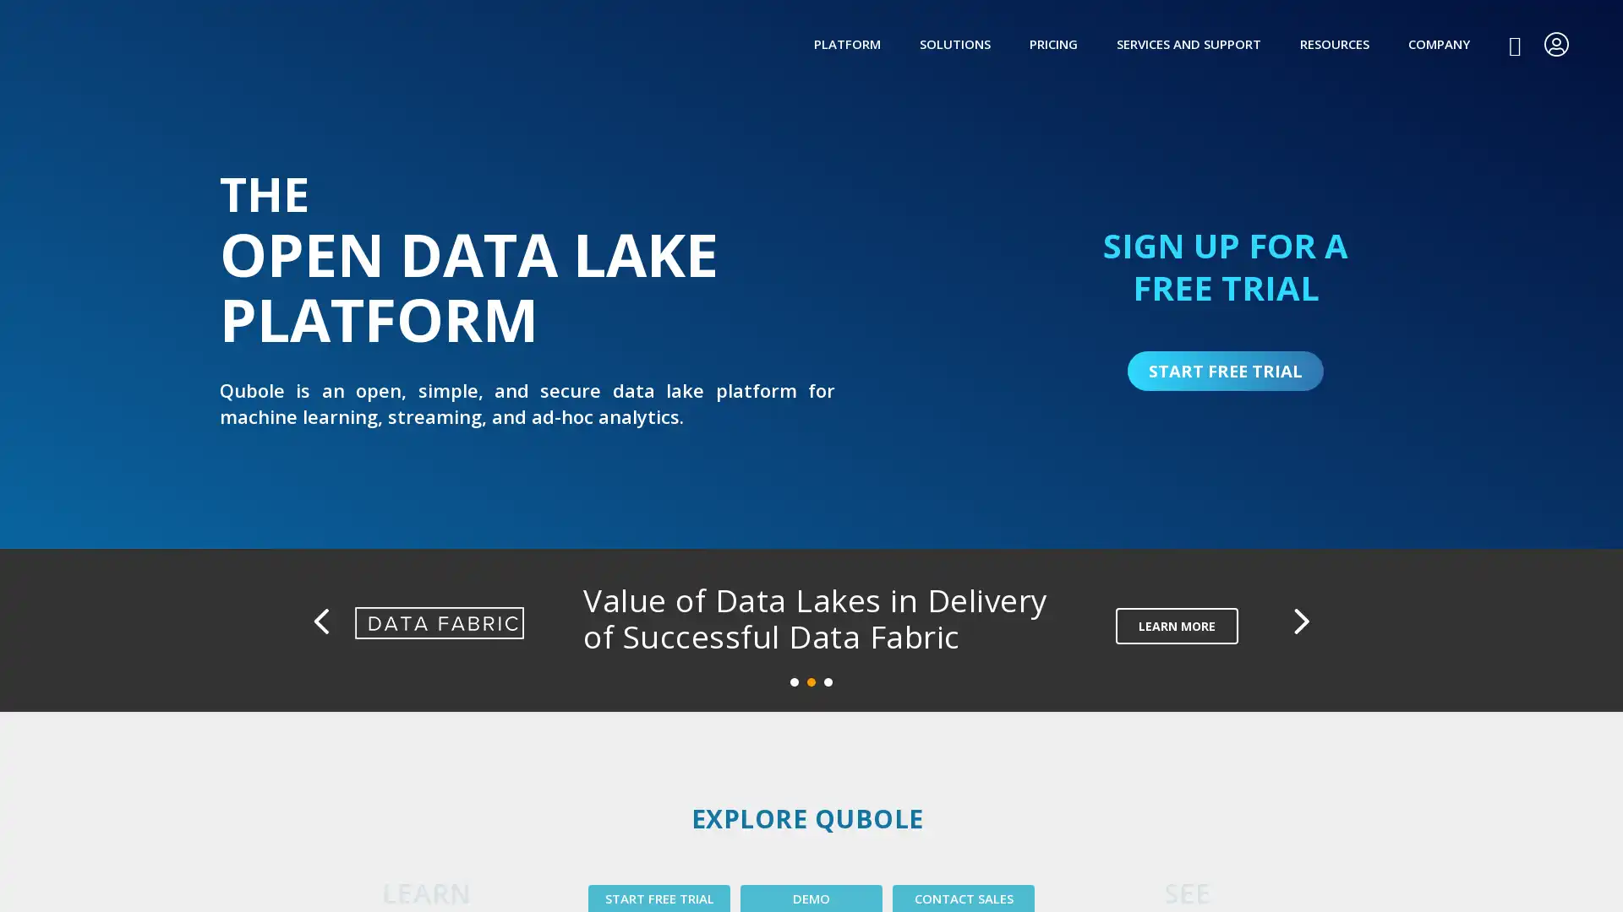 The image size is (1623, 912). Describe the element at coordinates (1303, 877) in the screenshot. I see `Accept All Cookies` at that location.